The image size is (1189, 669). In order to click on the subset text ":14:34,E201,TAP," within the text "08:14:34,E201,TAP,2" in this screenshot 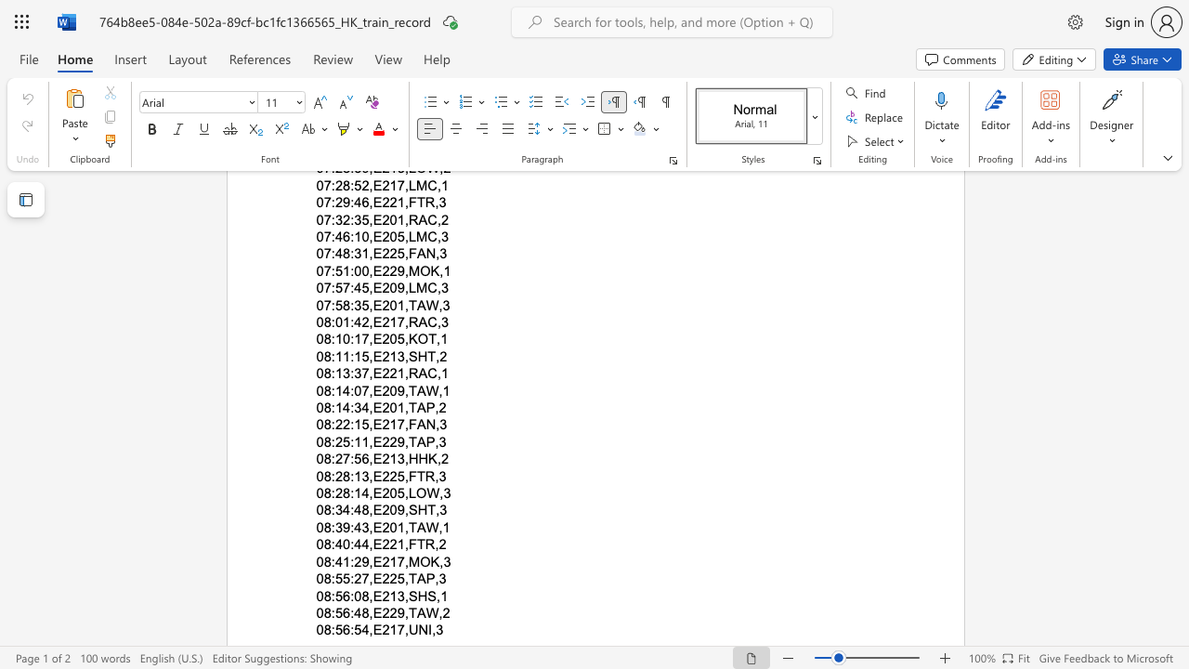, I will do `click(331, 407)`.